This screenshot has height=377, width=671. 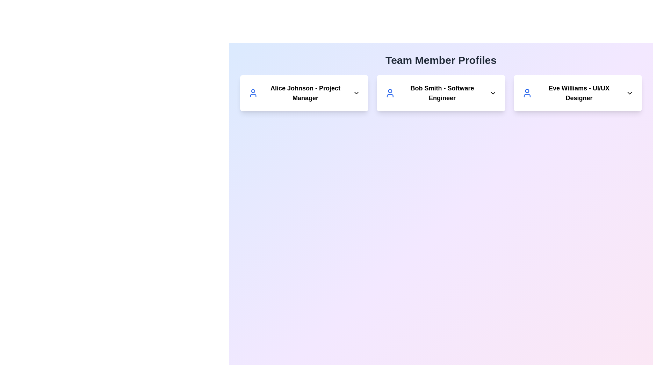 I want to click on the circular head component of the person silhouette icon located to the left of the text 'Eve Williams - UI/UX Designer', so click(x=527, y=90).